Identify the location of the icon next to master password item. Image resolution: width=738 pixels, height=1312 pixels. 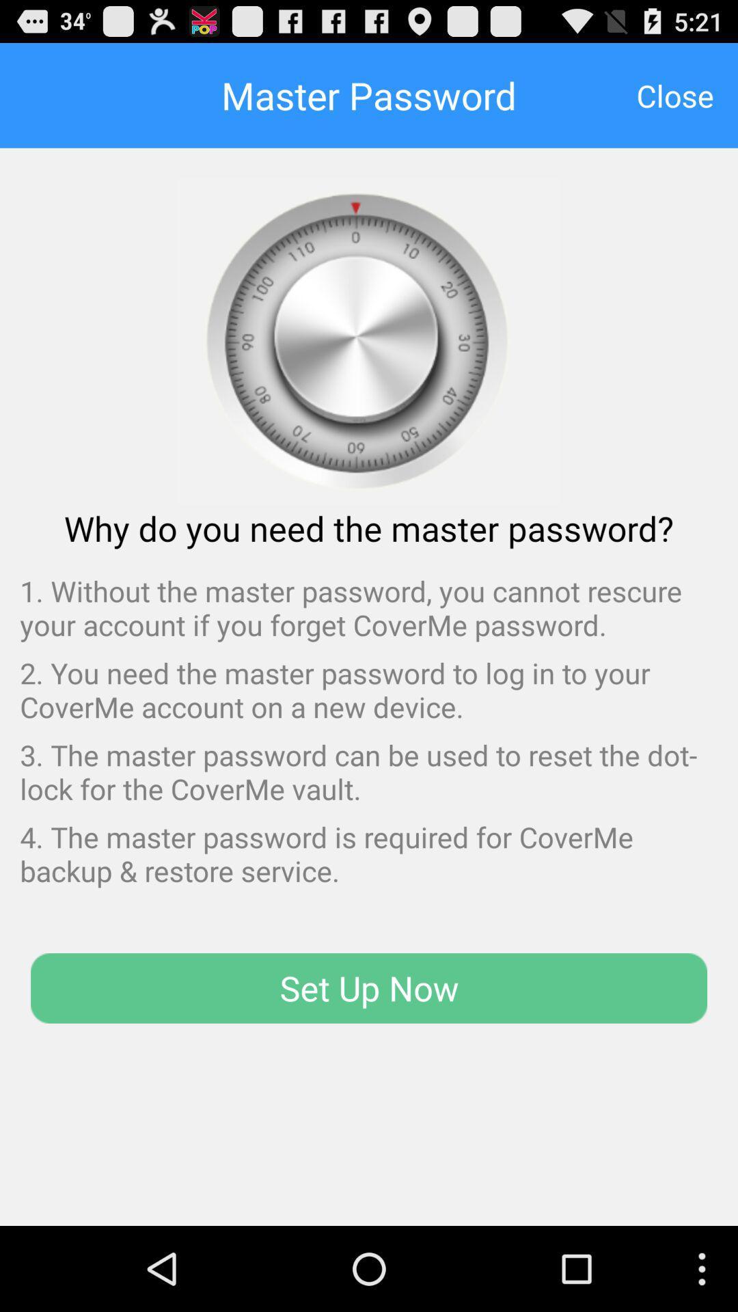
(674, 94).